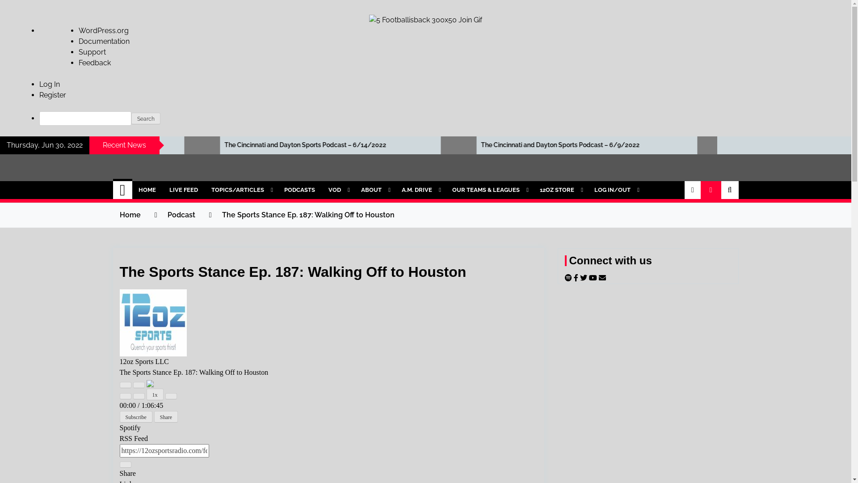 This screenshot has height=483, width=858. I want to click on '1x', so click(146, 394).